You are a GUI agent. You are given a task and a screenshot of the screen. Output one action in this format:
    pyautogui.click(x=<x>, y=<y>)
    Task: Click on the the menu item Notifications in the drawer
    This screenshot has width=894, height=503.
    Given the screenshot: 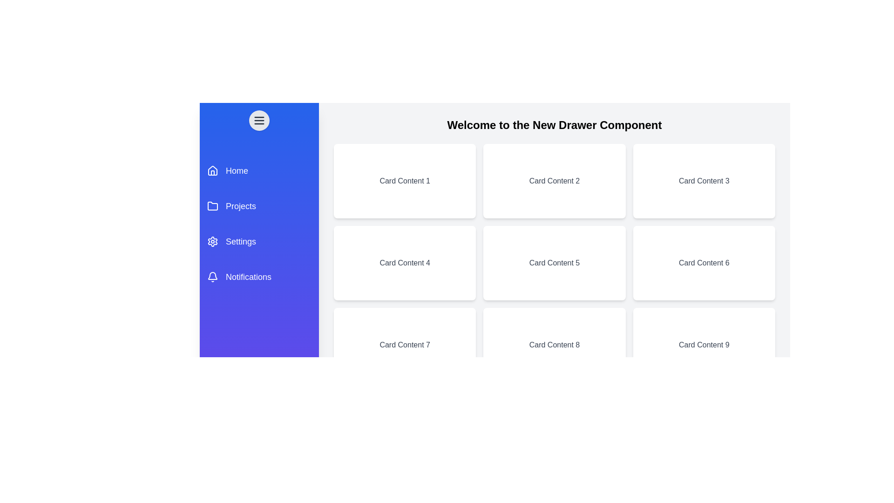 What is the action you would take?
    pyautogui.click(x=259, y=276)
    